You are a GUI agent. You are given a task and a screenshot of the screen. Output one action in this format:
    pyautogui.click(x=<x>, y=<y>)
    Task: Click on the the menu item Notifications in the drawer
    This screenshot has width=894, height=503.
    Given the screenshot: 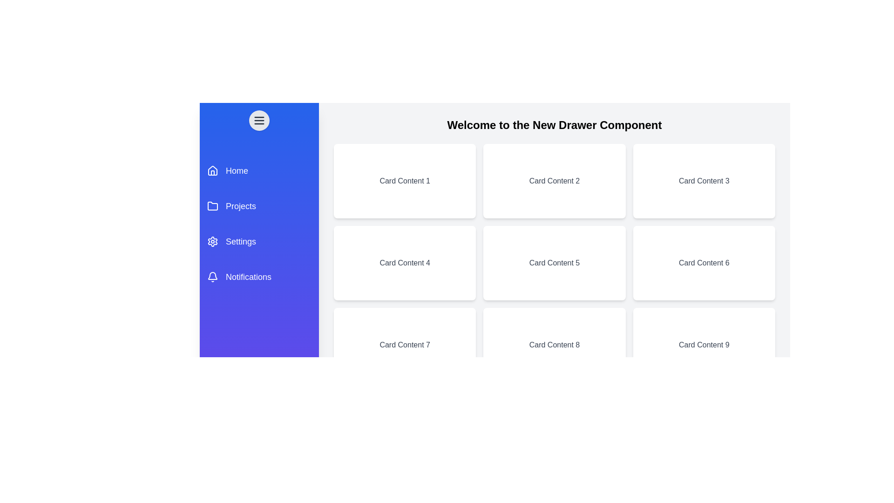 What is the action you would take?
    pyautogui.click(x=259, y=276)
    